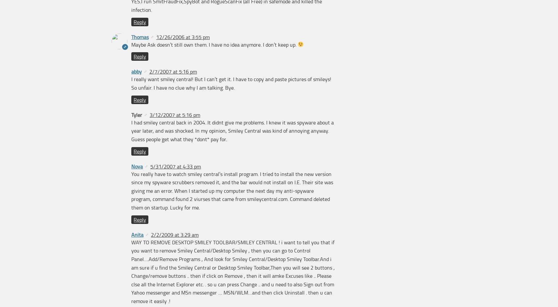 This screenshot has width=558, height=307. What do you see at coordinates (137, 234) in the screenshot?
I see `'Anita'` at bounding box center [137, 234].